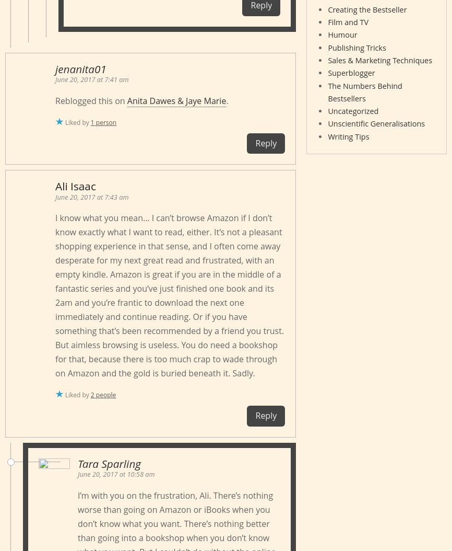  What do you see at coordinates (352, 111) in the screenshot?
I see `'Uncategorized'` at bounding box center [352, 111].